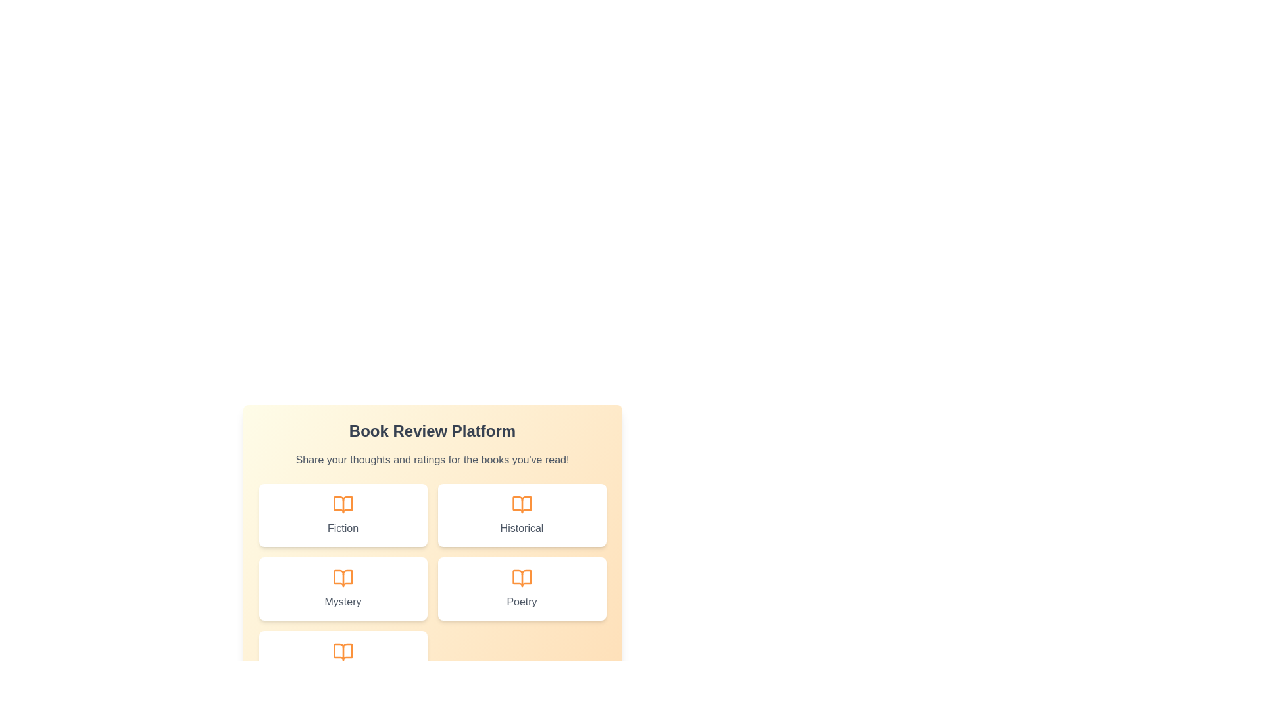 Image resolution: width=1263 pixels, height=710 pixels. Describe the element at coordinates (521, 588) in the screenshot. I see `the bottom-right category button for 'Poetry'` at that location.